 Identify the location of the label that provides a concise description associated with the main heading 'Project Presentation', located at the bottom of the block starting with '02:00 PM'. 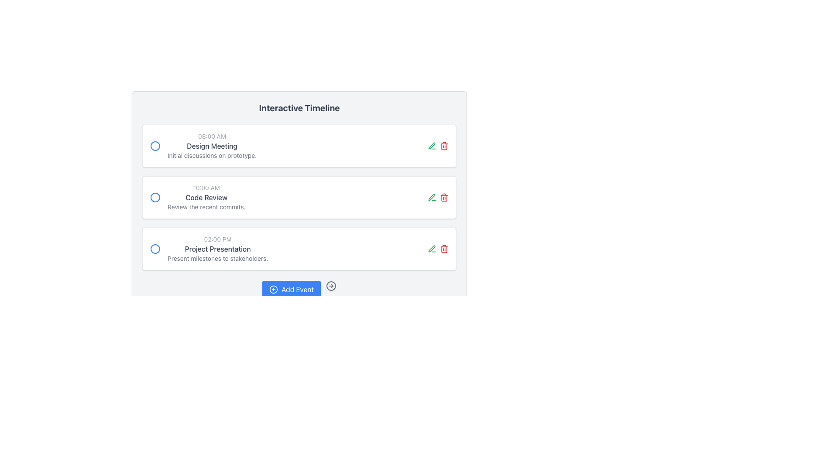
(218, 258).